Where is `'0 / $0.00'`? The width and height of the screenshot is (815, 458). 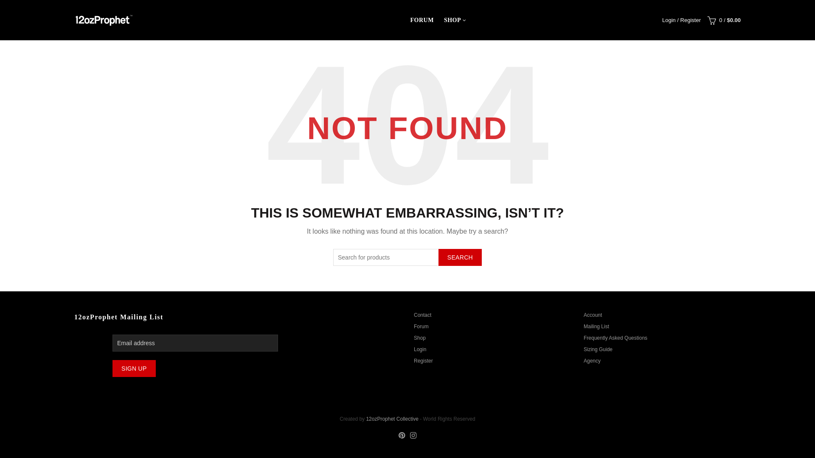
'0 / $0.00' is located at coordinates (722, 19).